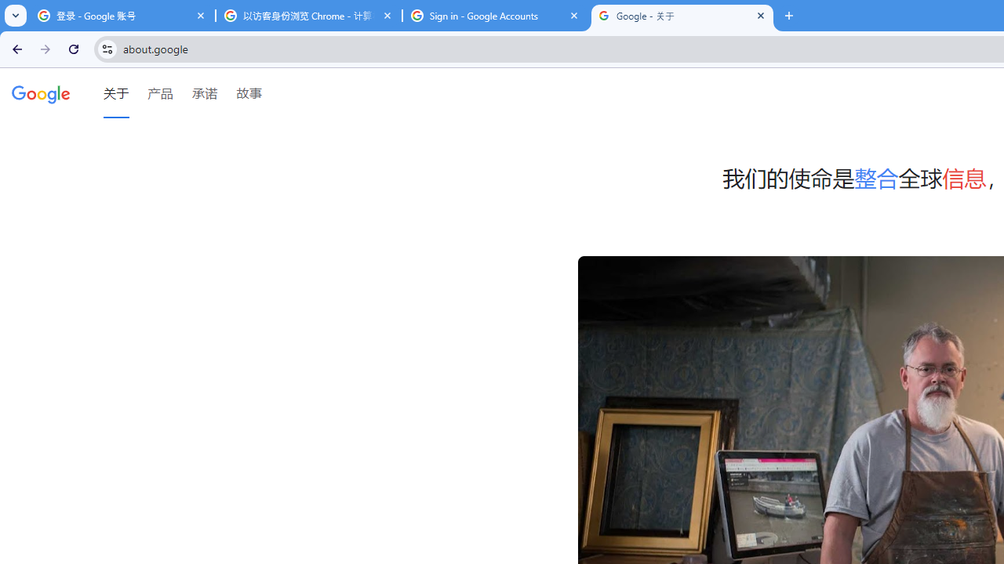 Image resolution: width=1004 pixels, height=564 pixels. What do you see at coordinates (41, 93) in the screenshot?
I see `'Google'` at bounding box center [41, 93].